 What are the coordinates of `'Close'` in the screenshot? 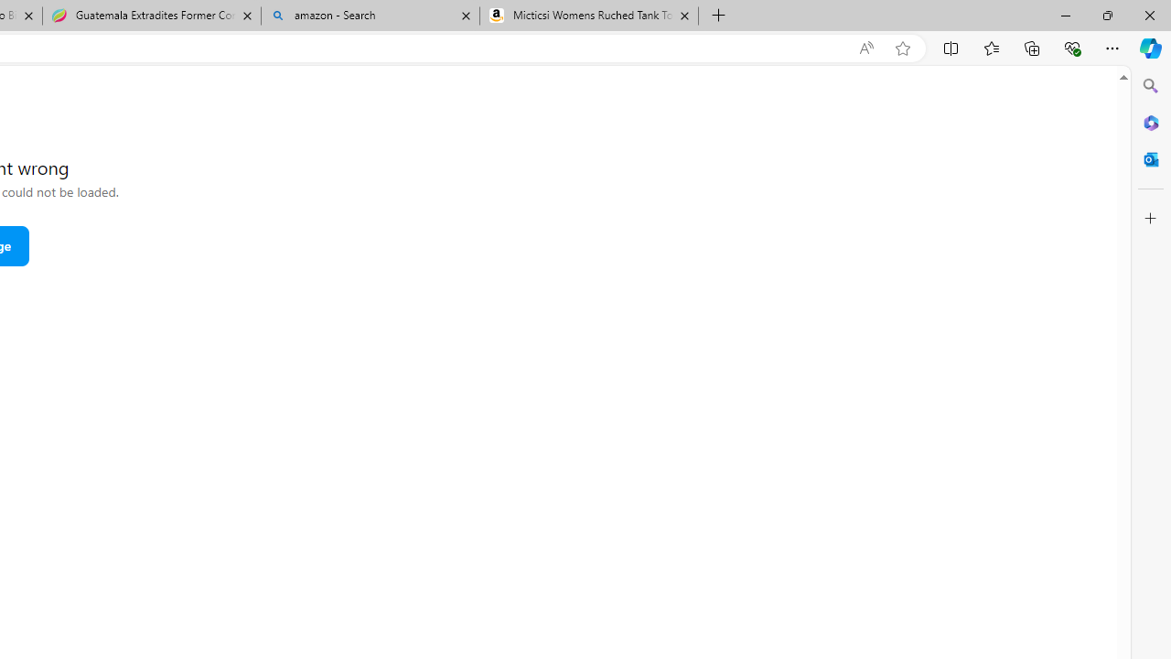 It's located at (1148, 15).